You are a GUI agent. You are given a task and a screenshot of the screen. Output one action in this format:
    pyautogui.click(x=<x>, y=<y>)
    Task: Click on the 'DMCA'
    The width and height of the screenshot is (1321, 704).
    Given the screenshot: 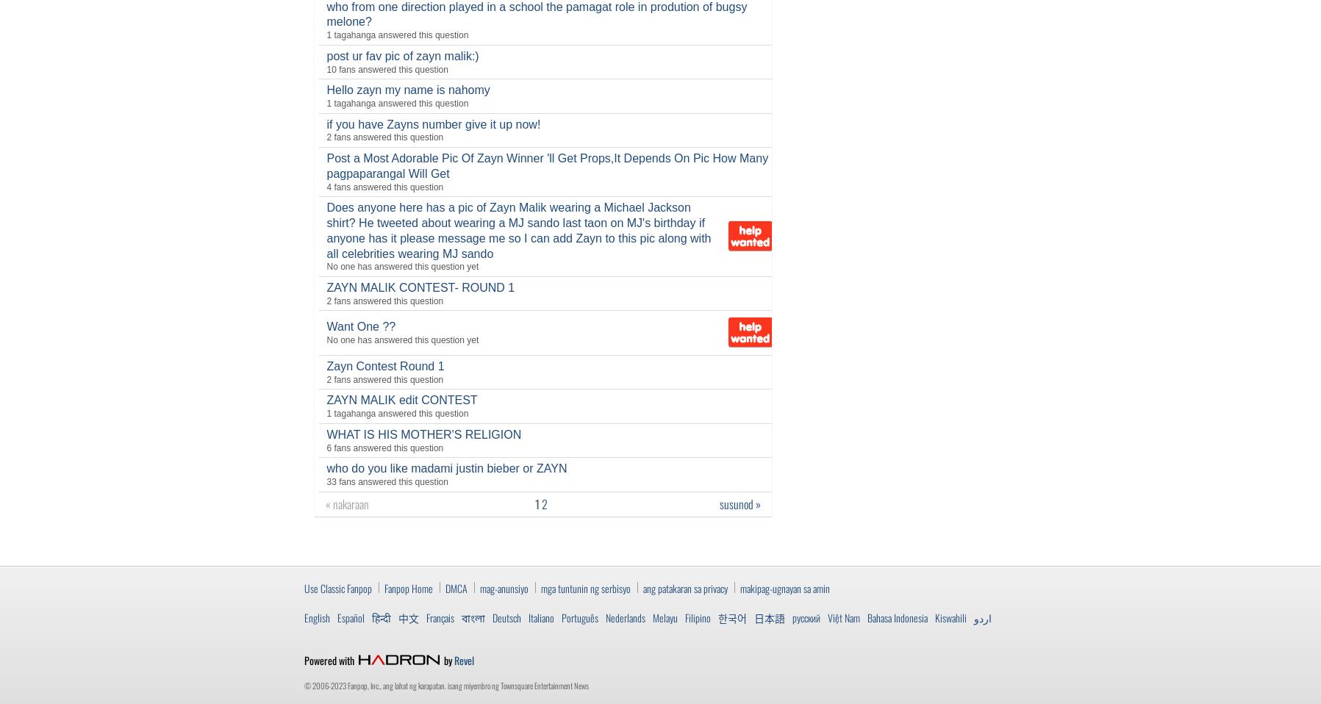 What is the action you would take?
    pyautogui.click(x=455, y=587)
    